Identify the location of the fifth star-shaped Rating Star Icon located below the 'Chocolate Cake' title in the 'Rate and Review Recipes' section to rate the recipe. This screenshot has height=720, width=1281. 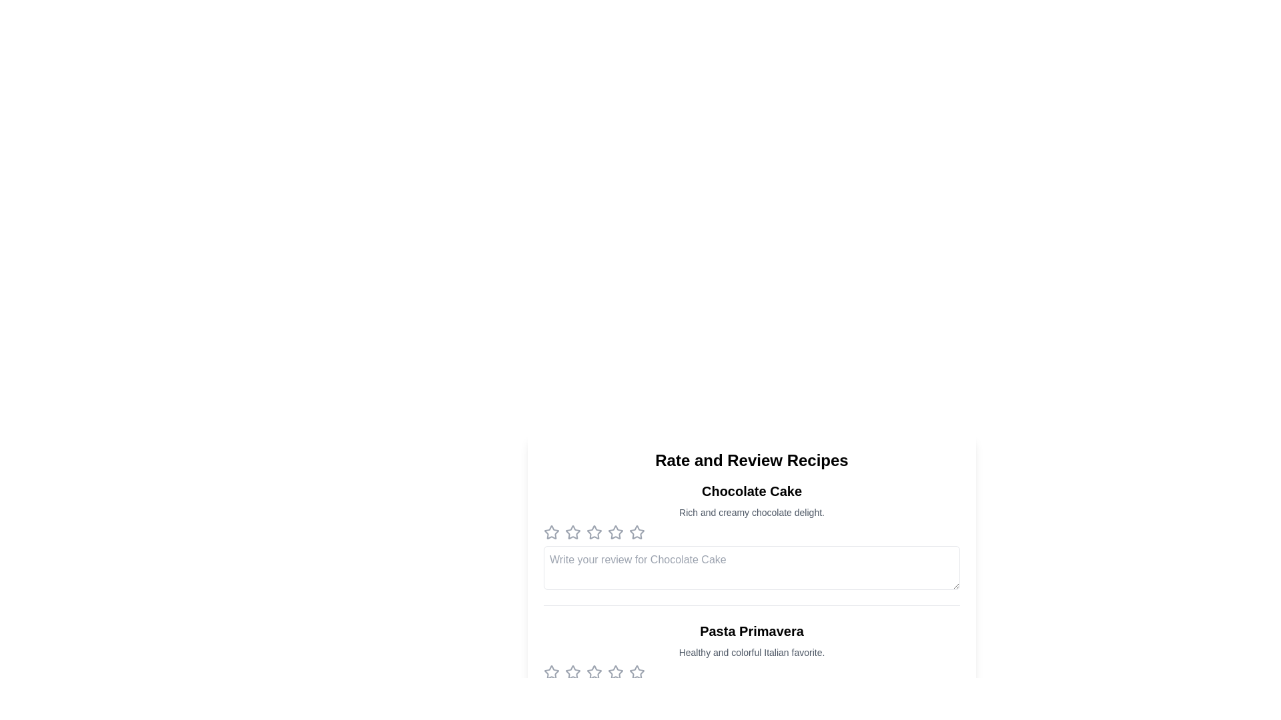
(636, 531).